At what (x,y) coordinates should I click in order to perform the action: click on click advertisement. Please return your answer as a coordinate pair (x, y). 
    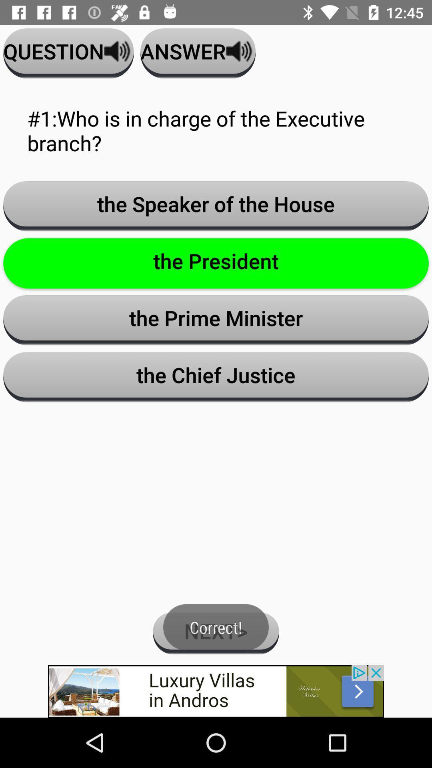
    Looking at the image, I should click on (216, 691).